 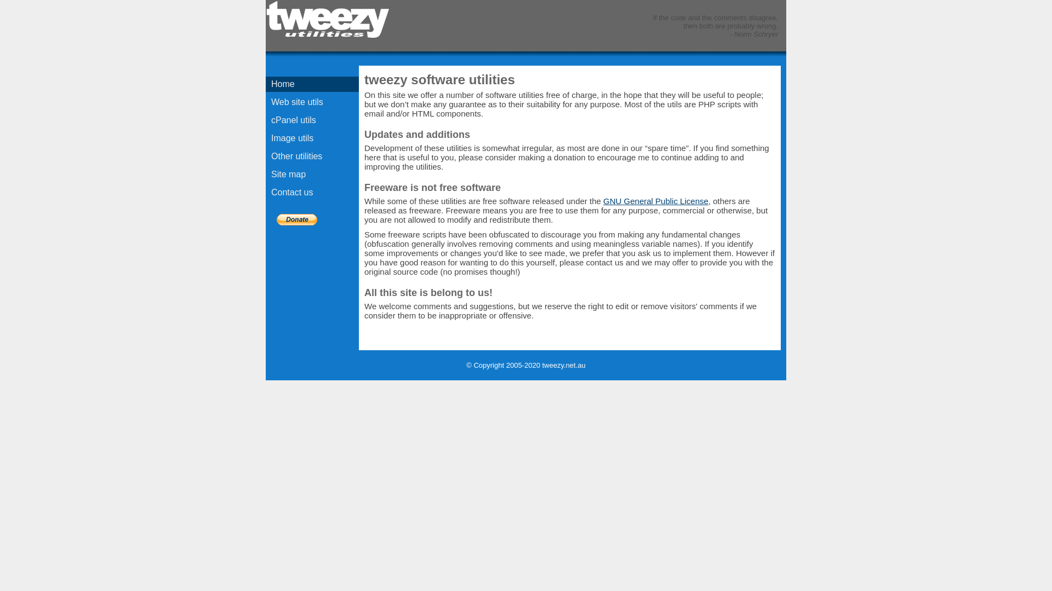 I want to click on 'Home', so click(x=312, y=84).